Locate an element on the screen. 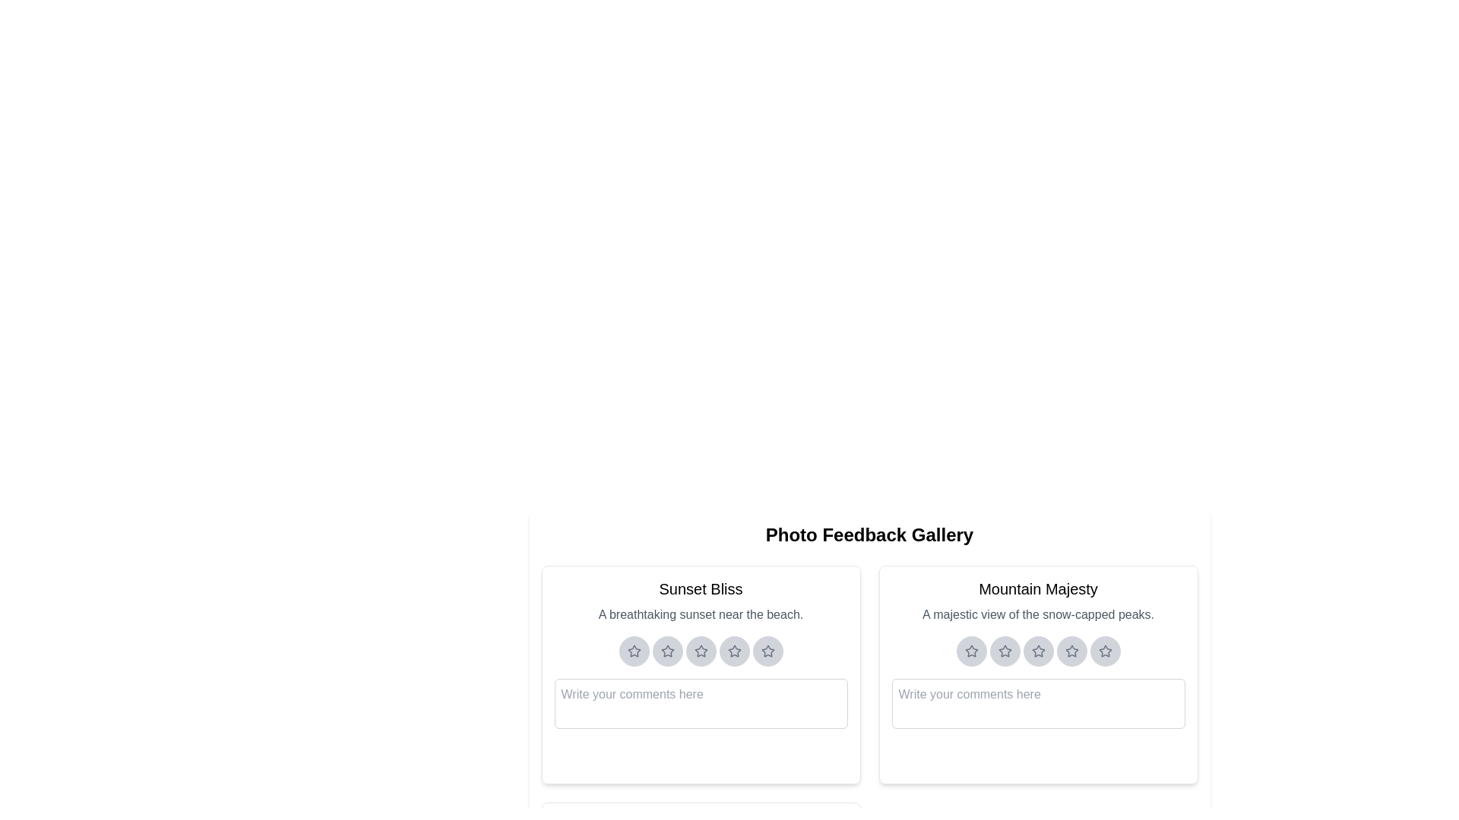 The image size is (1459, 820). the third interactive star button in the Rating component of the 'Sunset Bliss' card is located at coordinates (700, 650).